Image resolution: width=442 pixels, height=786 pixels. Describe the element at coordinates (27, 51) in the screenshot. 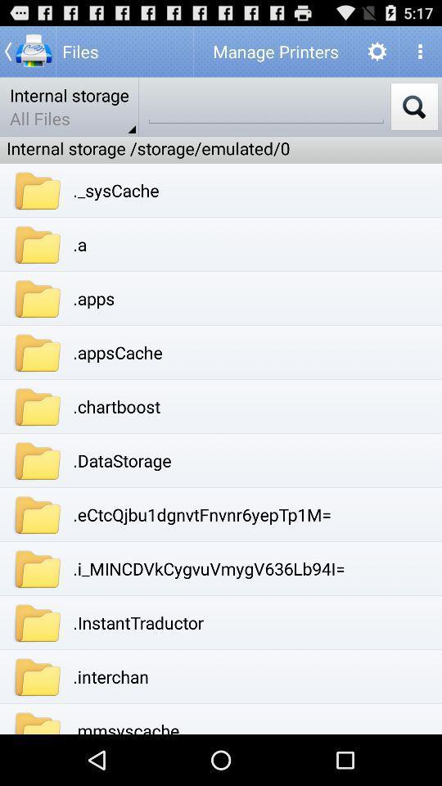

I see `icon above the internal storage app` at that location.